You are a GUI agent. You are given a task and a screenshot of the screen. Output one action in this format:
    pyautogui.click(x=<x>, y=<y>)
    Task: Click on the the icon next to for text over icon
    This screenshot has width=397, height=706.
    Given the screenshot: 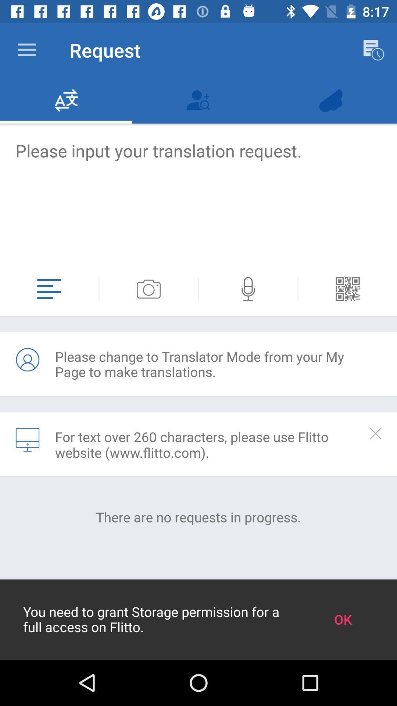 What is the action you would take?
    pyautogui.click(x=27, y=440)
    